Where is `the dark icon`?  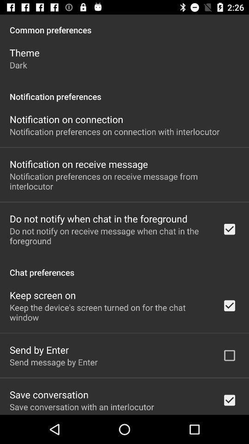 the dark icon is located at coordinates (18, 64).